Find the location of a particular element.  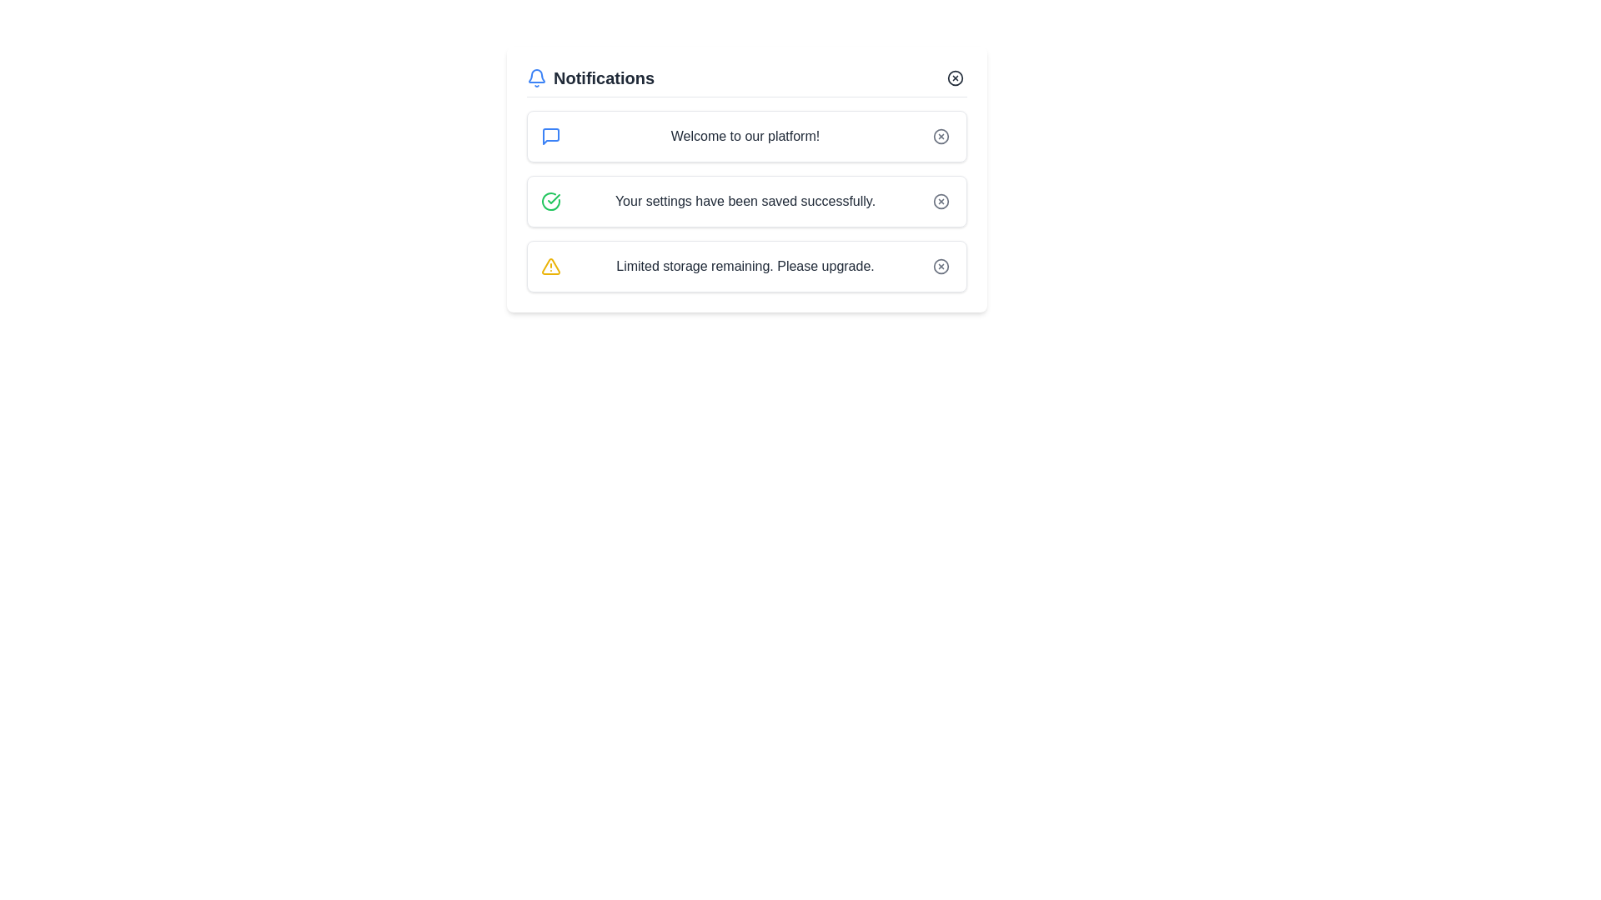

the second notification item in the Notifications section that contains a check mark icon and the message 'Your settings have been saved successfully.' is located at coordinates (746, 201).